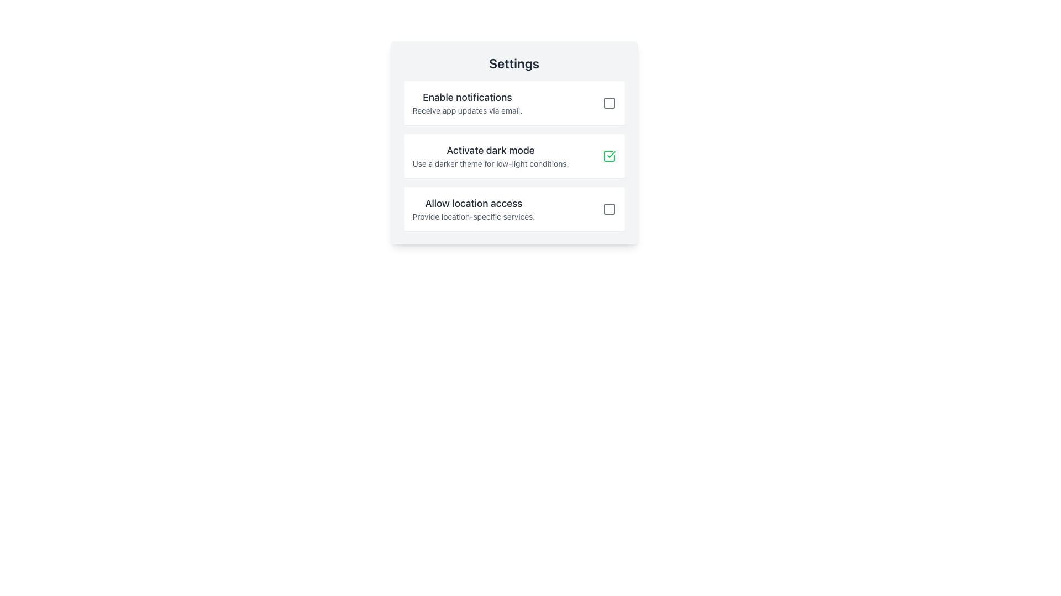  What do you see at coordinates (608, 103) in the screenshot?
I see `the unchecked checkbox located to the right of the 'Enable notifications' text` at bounding box center [608, 103].